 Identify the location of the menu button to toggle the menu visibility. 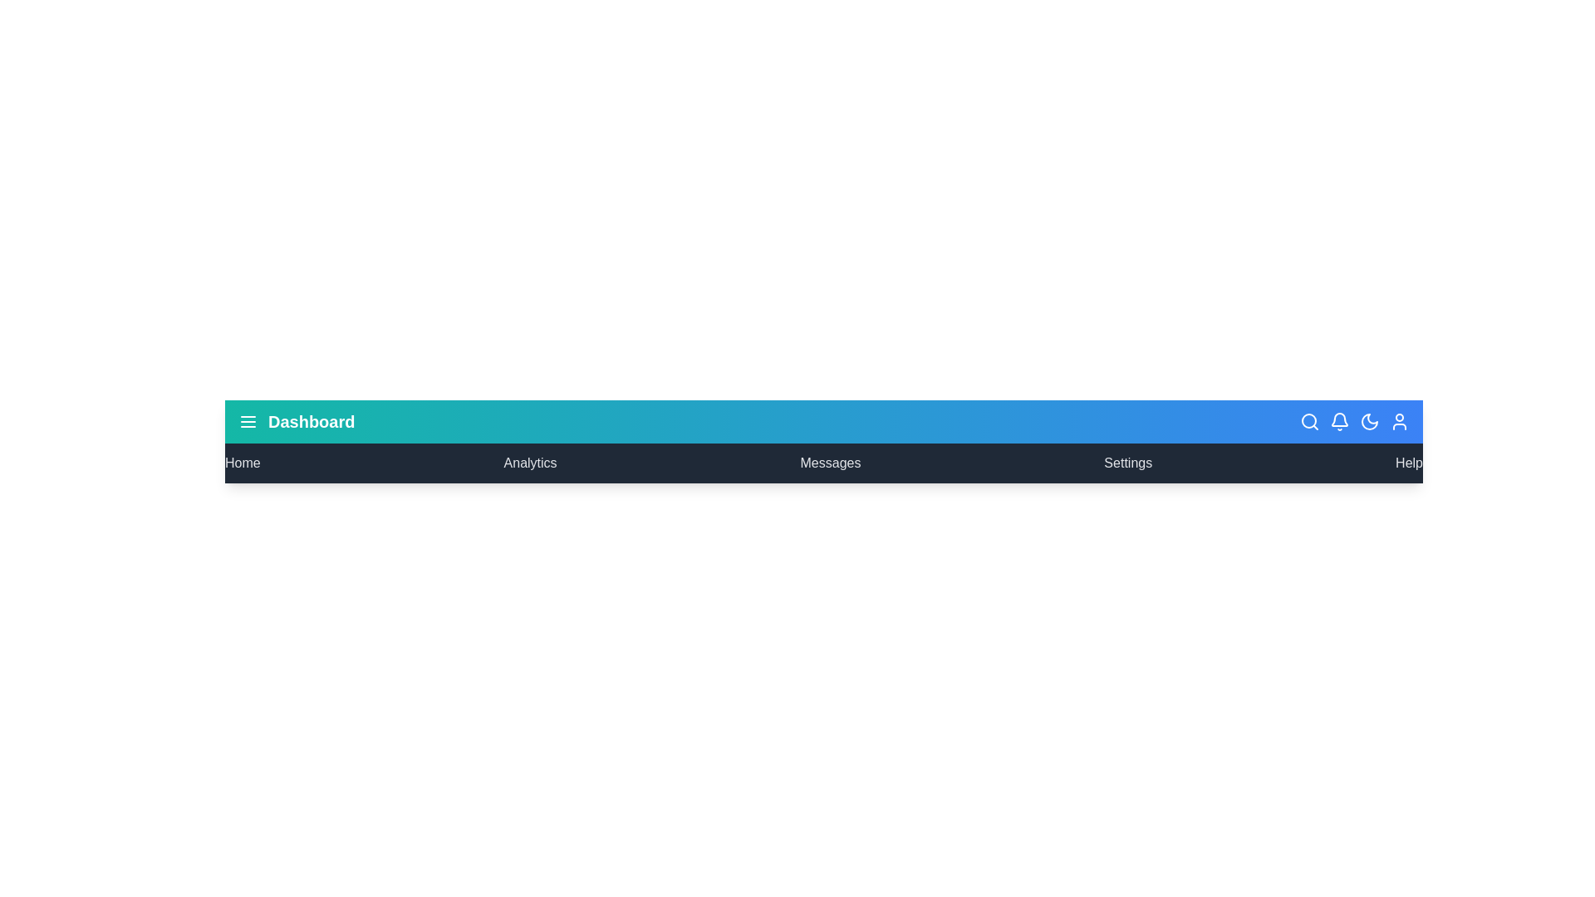
(247, 421).